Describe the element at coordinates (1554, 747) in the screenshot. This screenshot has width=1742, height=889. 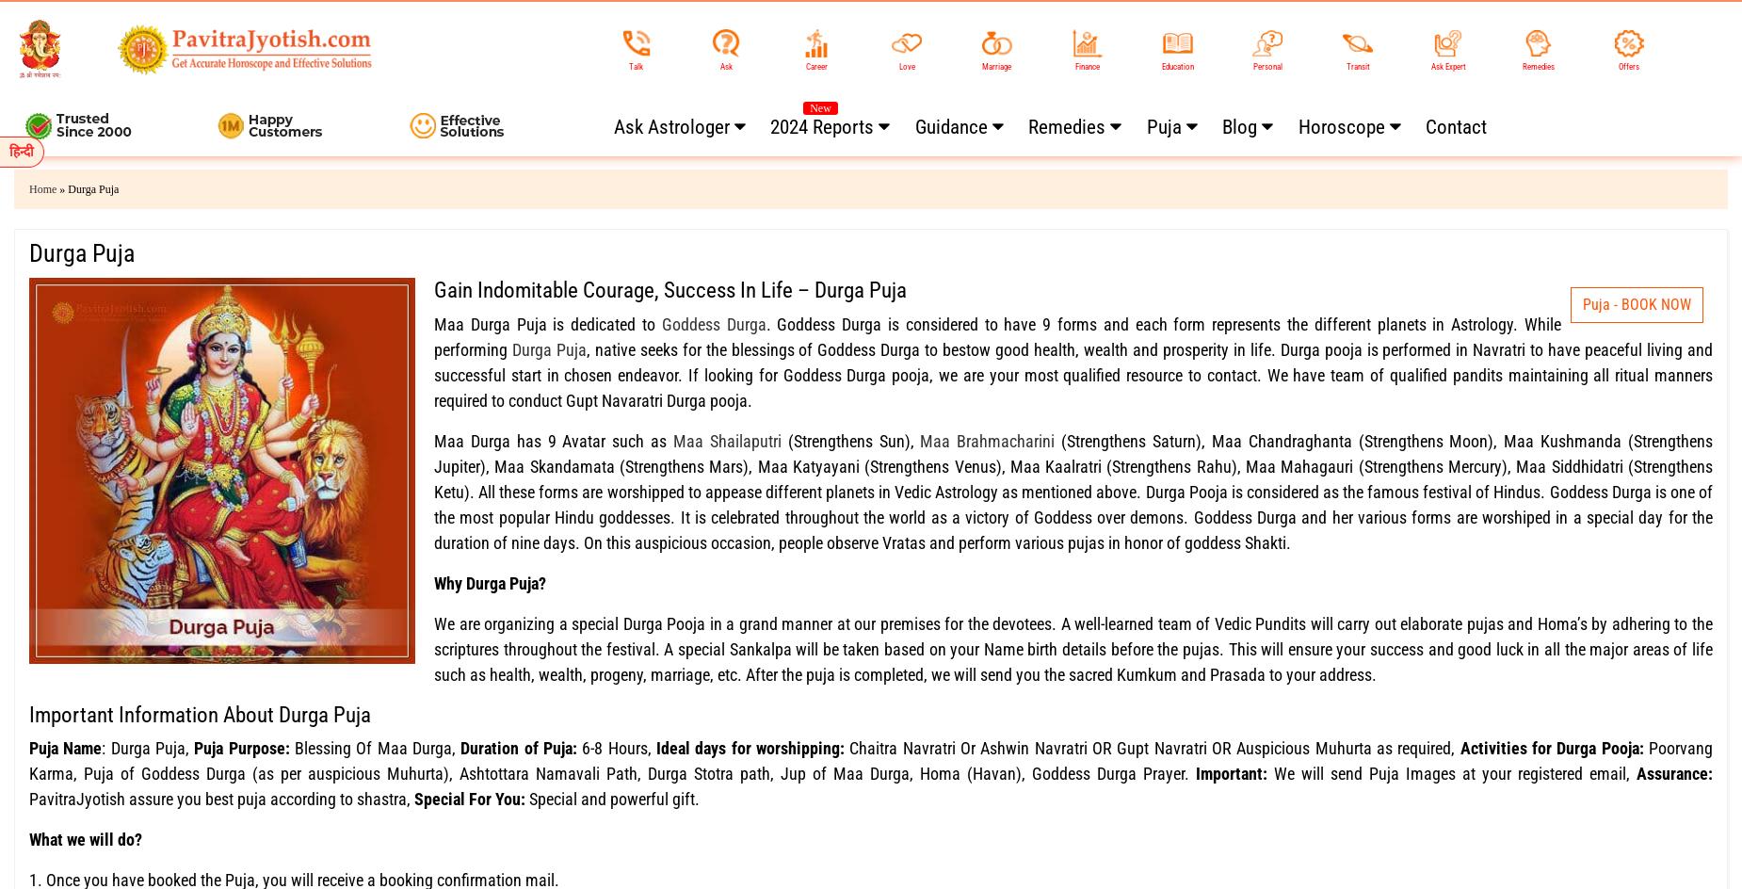
I see `'Activities for Durga Pooja:'` at that location.